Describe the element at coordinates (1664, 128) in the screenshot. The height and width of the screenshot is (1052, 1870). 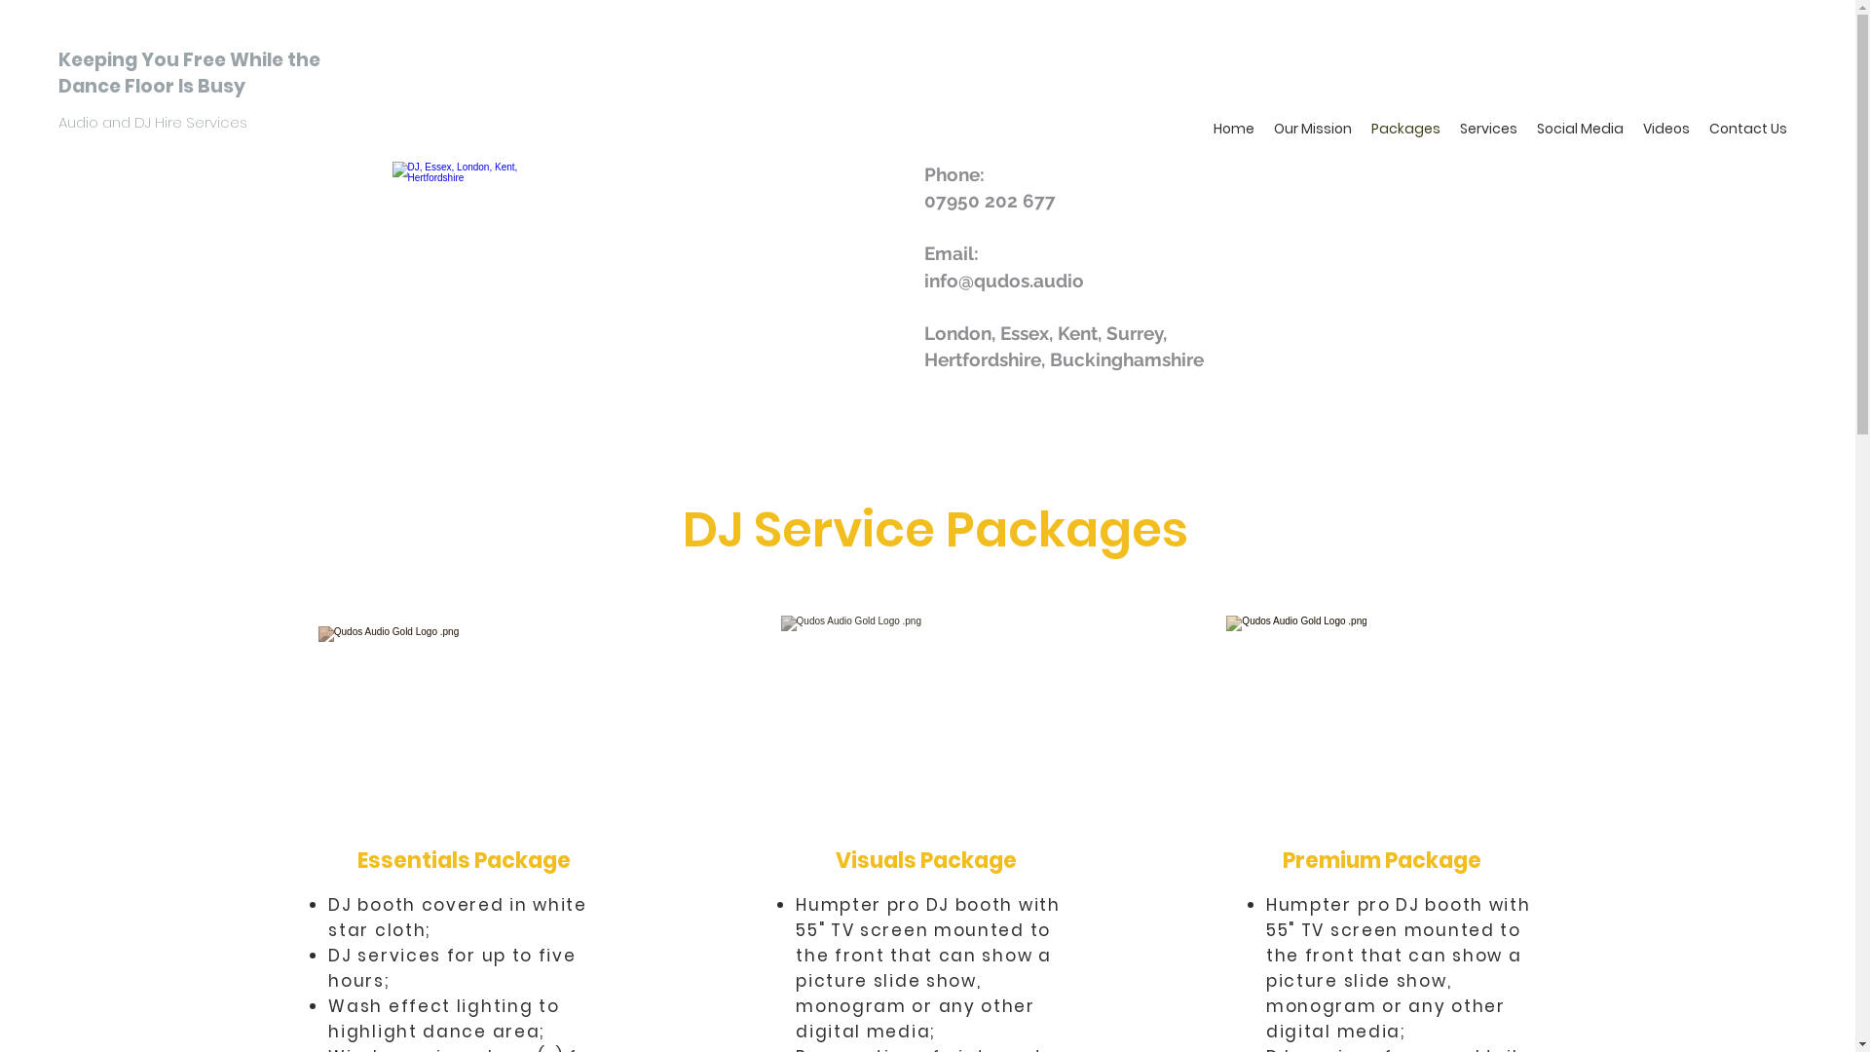
I see `'Videos'` at that location.